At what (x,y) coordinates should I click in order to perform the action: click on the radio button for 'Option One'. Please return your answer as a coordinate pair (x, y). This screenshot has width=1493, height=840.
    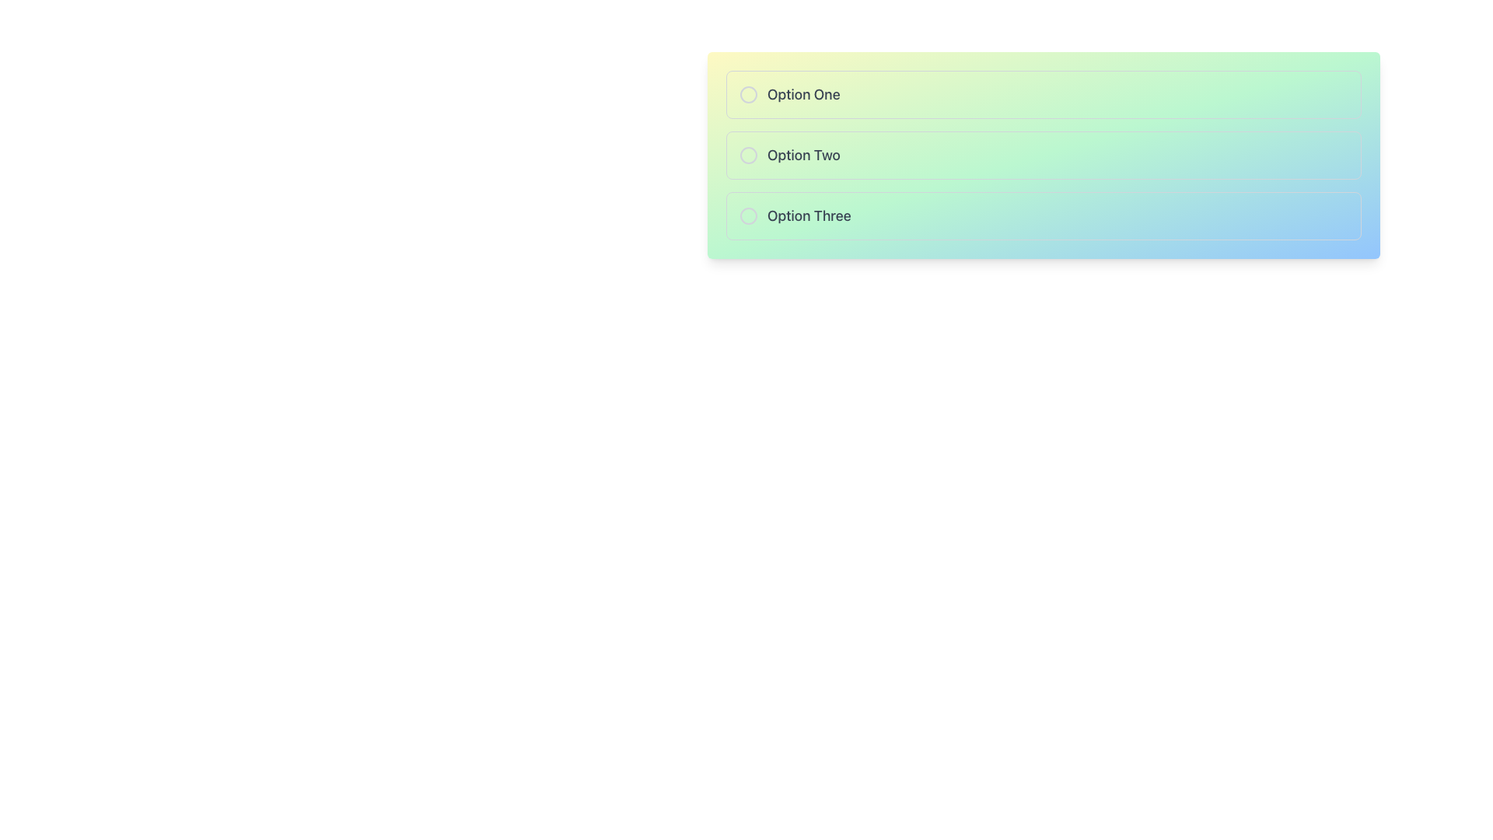
    Looking at the image, I should click on (749, 95).